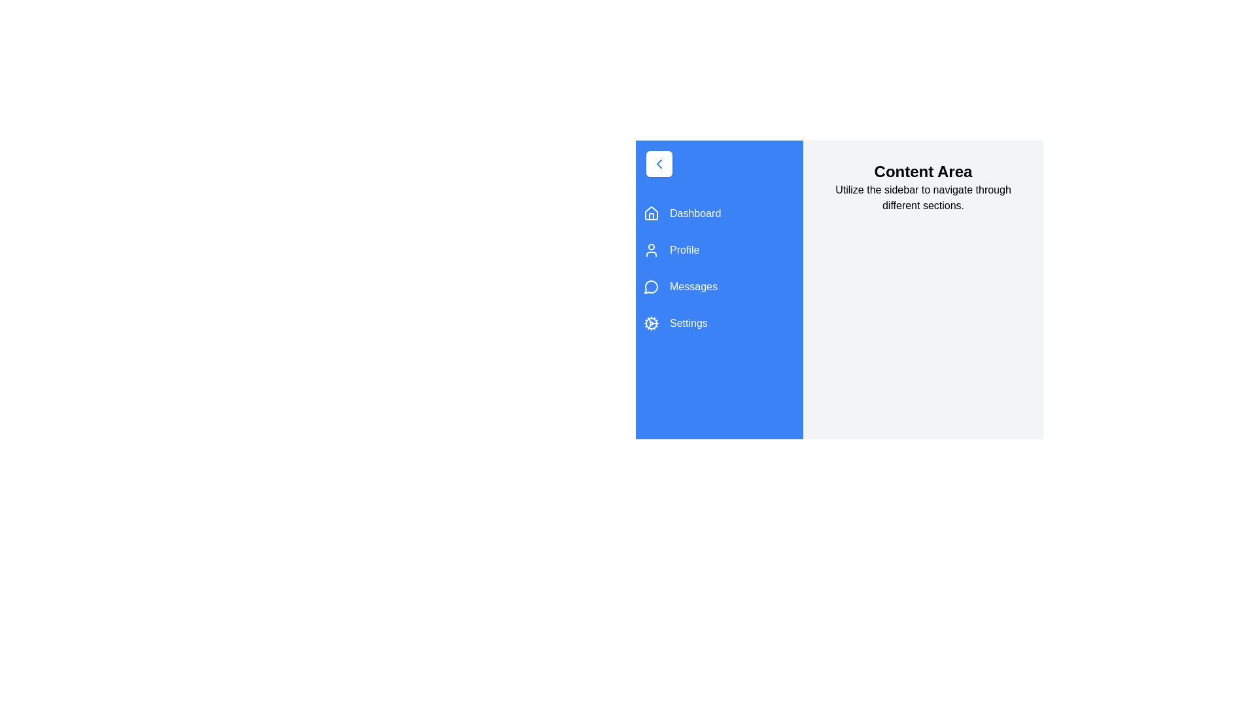  I want to click on the menu item Profile from the sidebar, so click(718, 250).